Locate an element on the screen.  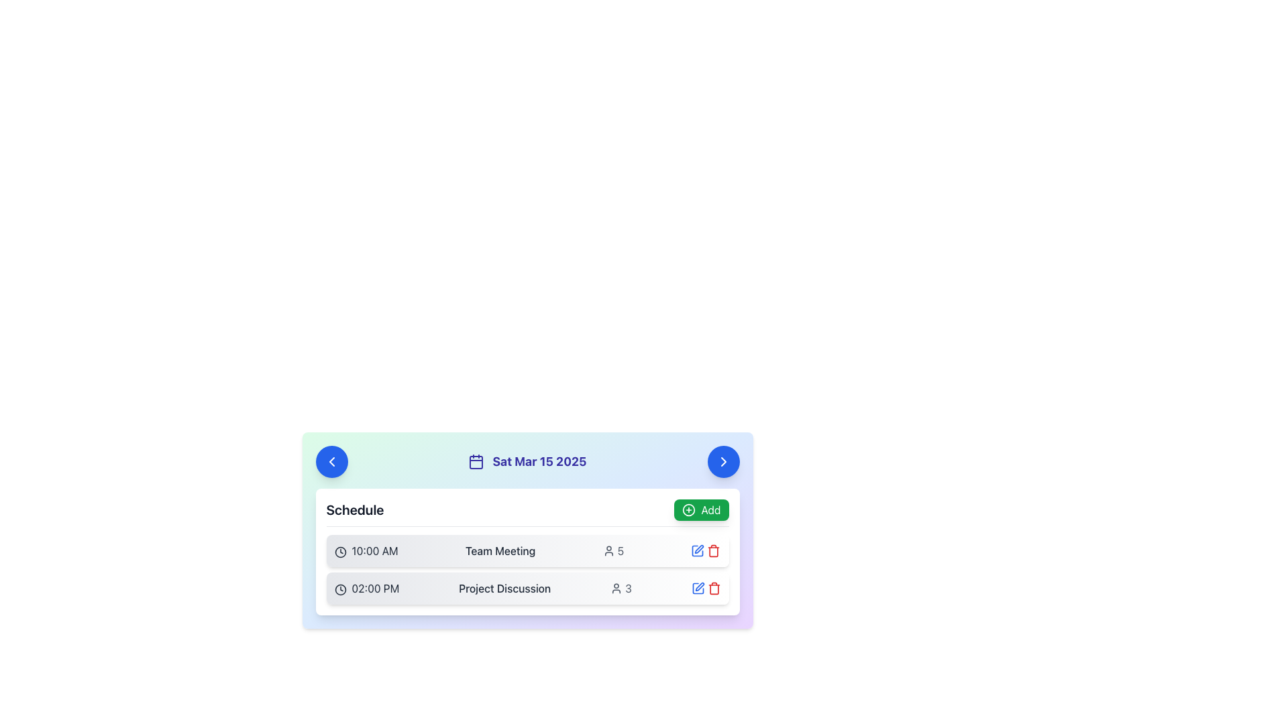
the blue edit icon located in the top-right corner of the 'Team Meeting' schedule row is located at coordinates (705, 550).